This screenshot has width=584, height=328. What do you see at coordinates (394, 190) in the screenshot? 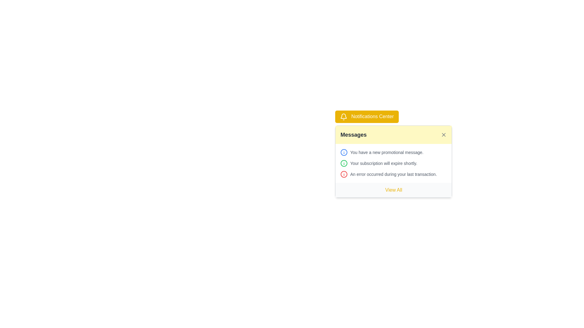
I see `the button located at the bottom of the notification panel` at bounding box center [394, 190].